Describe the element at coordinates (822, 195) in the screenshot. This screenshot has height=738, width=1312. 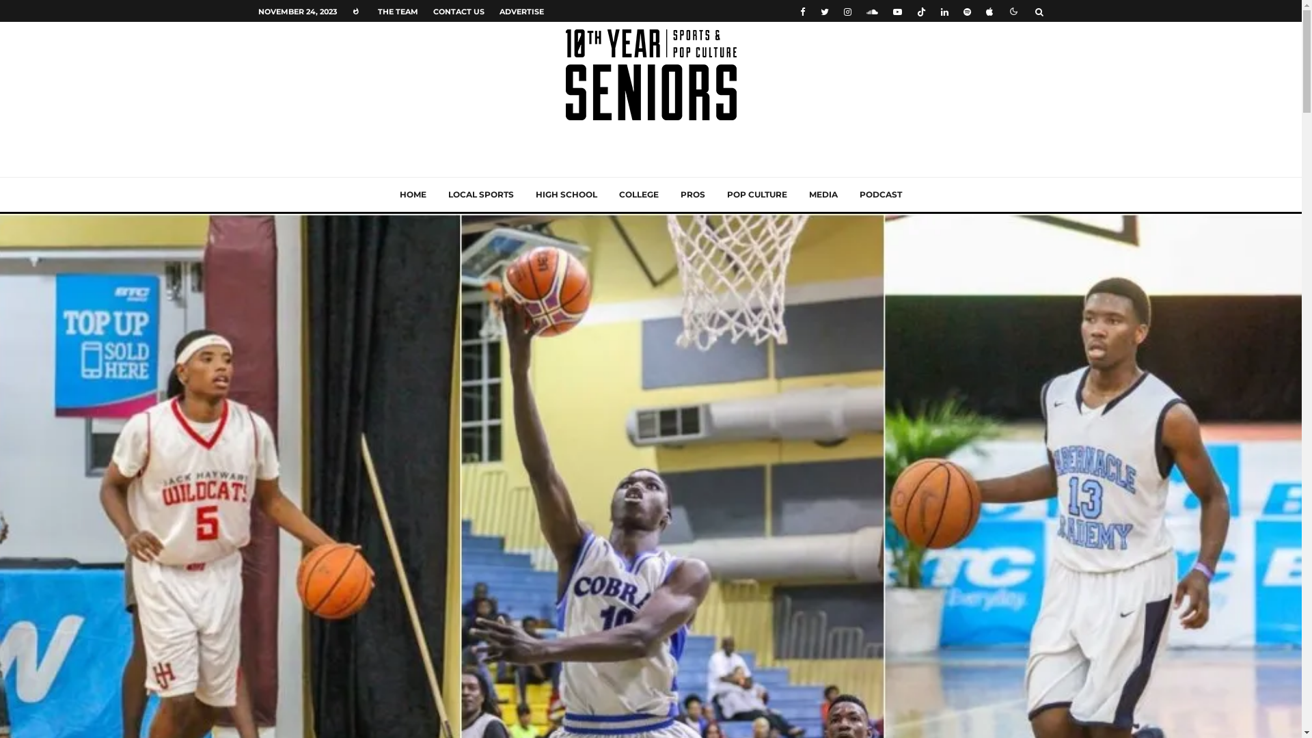
I see `'MEDIA'` at that location.